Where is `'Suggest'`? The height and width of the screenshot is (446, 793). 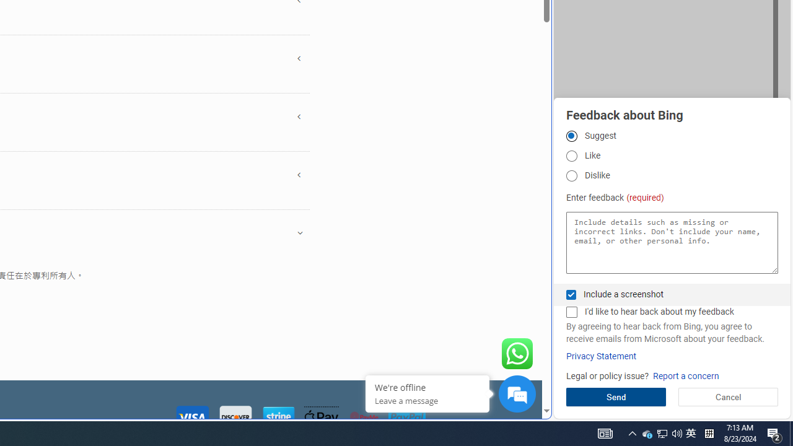
'Suggest' is located at coordinates (571, 136).